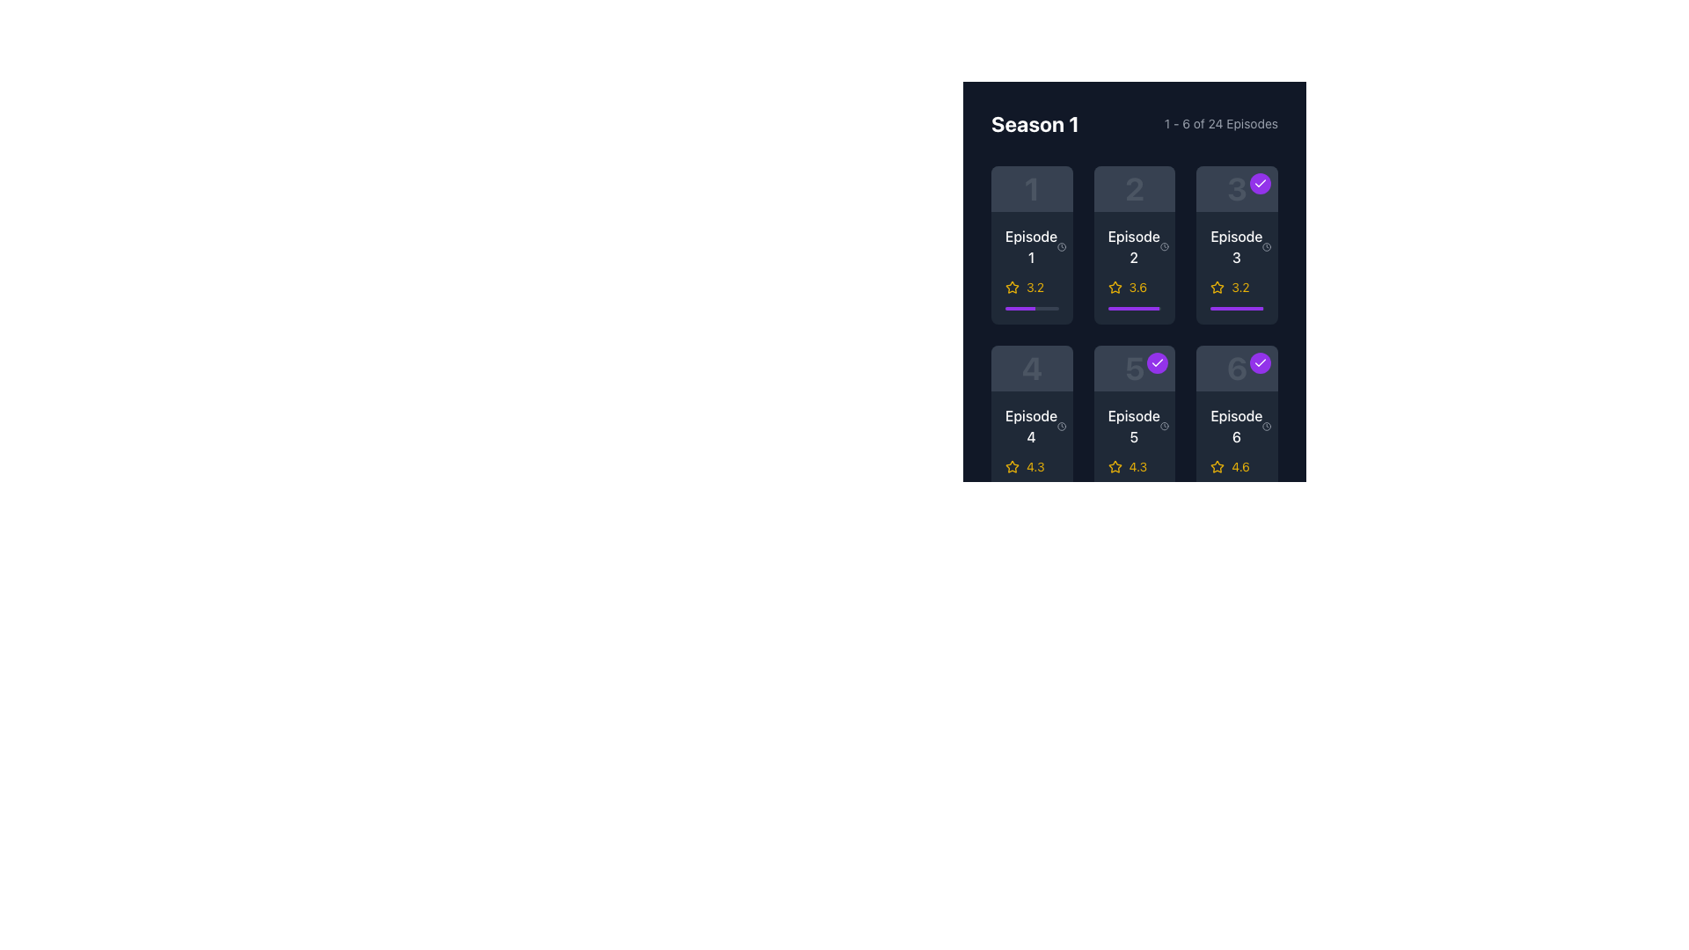 The height and width of the screenshot is (950, 1689). What do you see at coordinates (1239, 287) in the screenshot?
I see `the numeric value '3.2' styled in yellow, which represents a rating or score, located adjacent to a star-shaped icon for 'Episode 3' in the grid structure` at bounding box center [1239, 287].